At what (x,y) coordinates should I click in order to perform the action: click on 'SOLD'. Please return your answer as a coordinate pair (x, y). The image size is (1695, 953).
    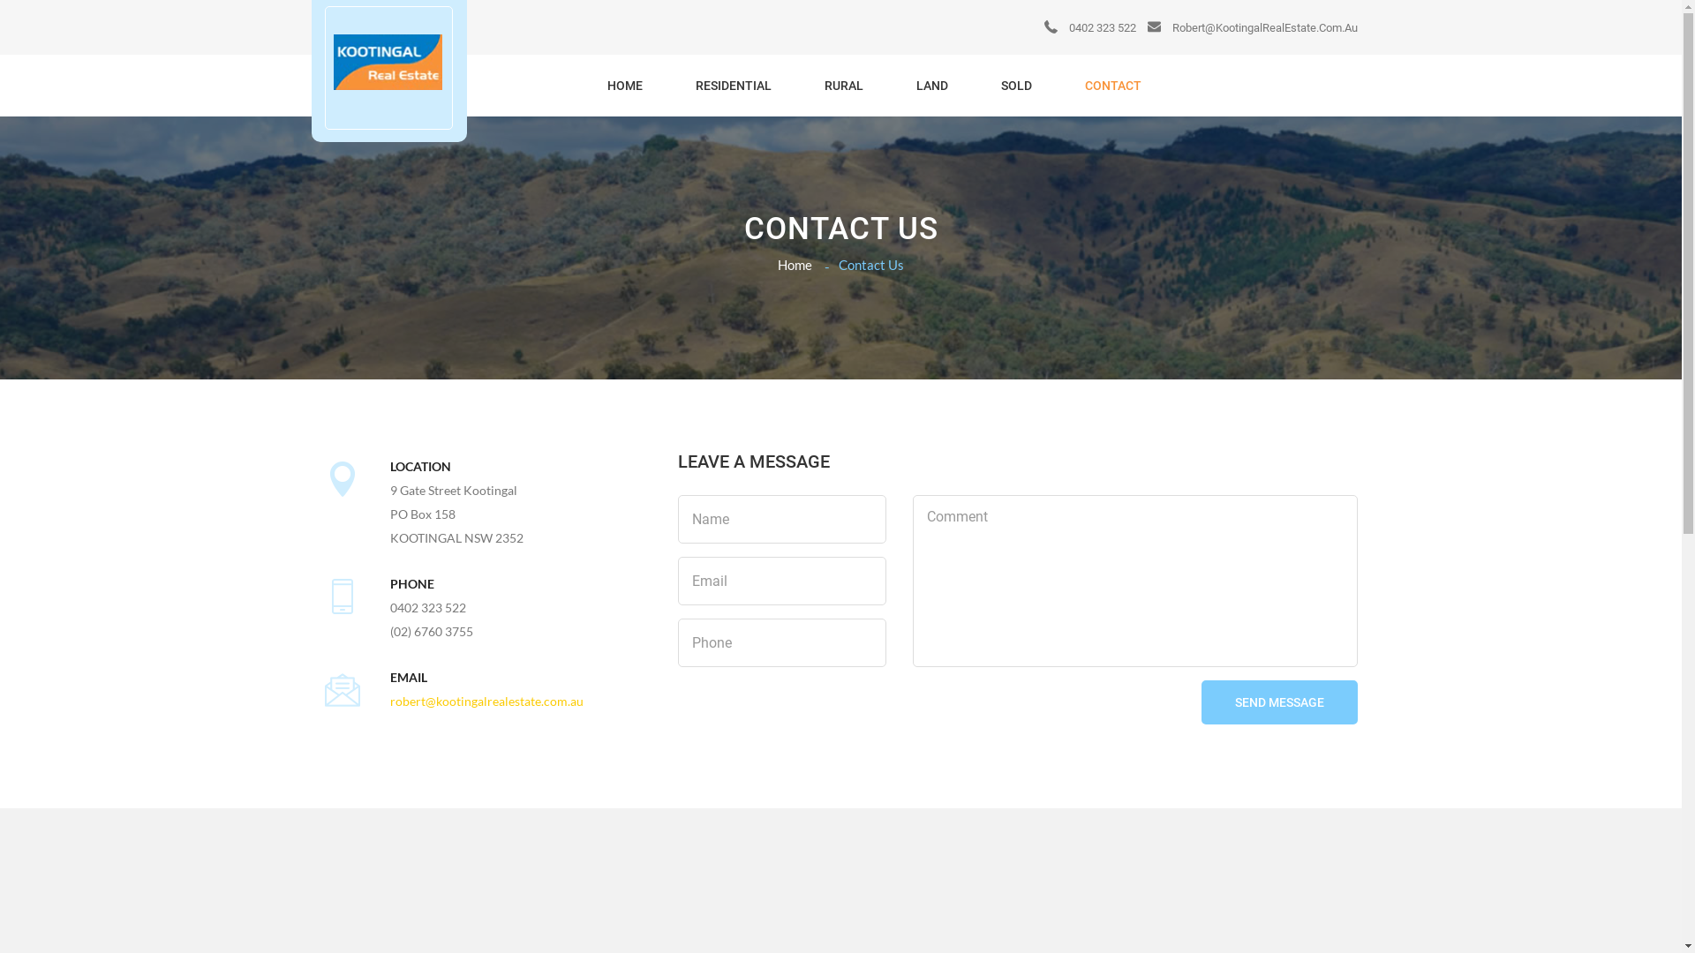
    Looking at the image, I should click on (1016, 85).